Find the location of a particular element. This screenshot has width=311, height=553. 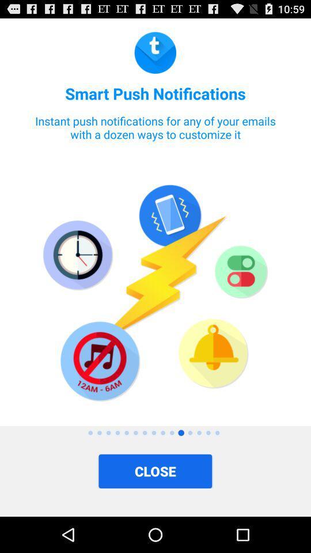

the close icon is located at coordinates (155, 471).